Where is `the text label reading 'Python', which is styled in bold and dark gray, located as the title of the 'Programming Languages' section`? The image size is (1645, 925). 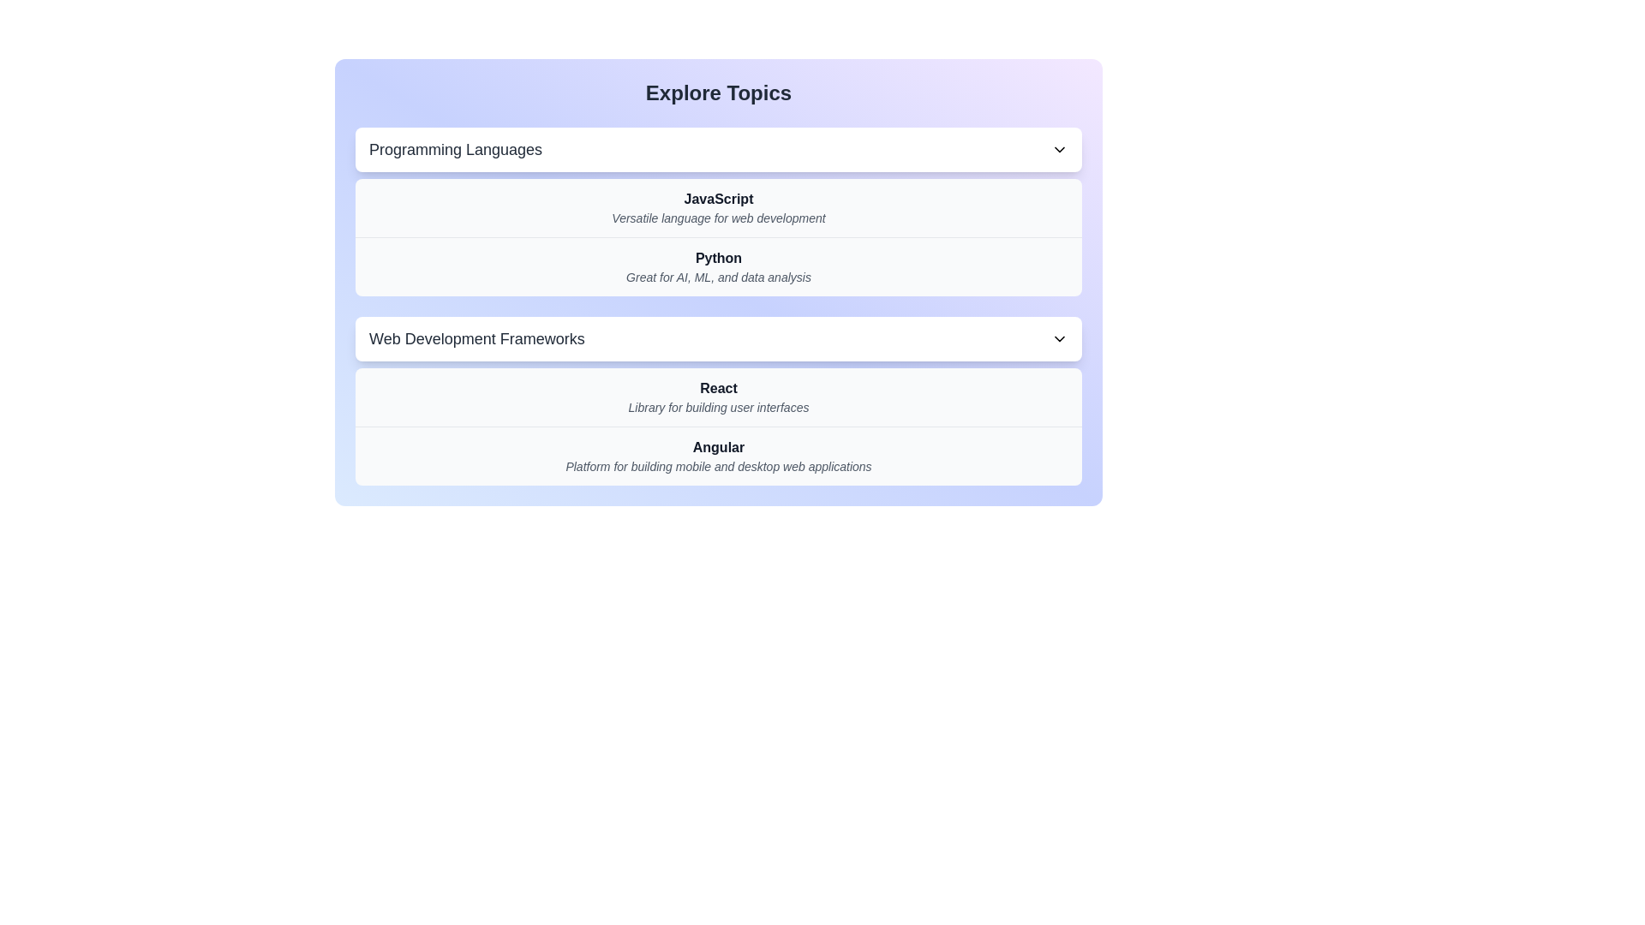 the text label reading 'Python', which is styled in bold and dark gray, located as the title of the 'Programming Languages' section is located at coordinates (719, 258).